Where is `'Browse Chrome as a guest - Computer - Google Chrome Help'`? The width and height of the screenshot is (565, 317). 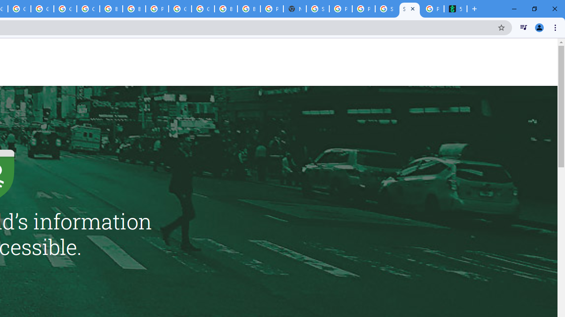 'Browse Chrome as a guest - Computer - Google Chrome Help' is located at coordinates (111, 9).